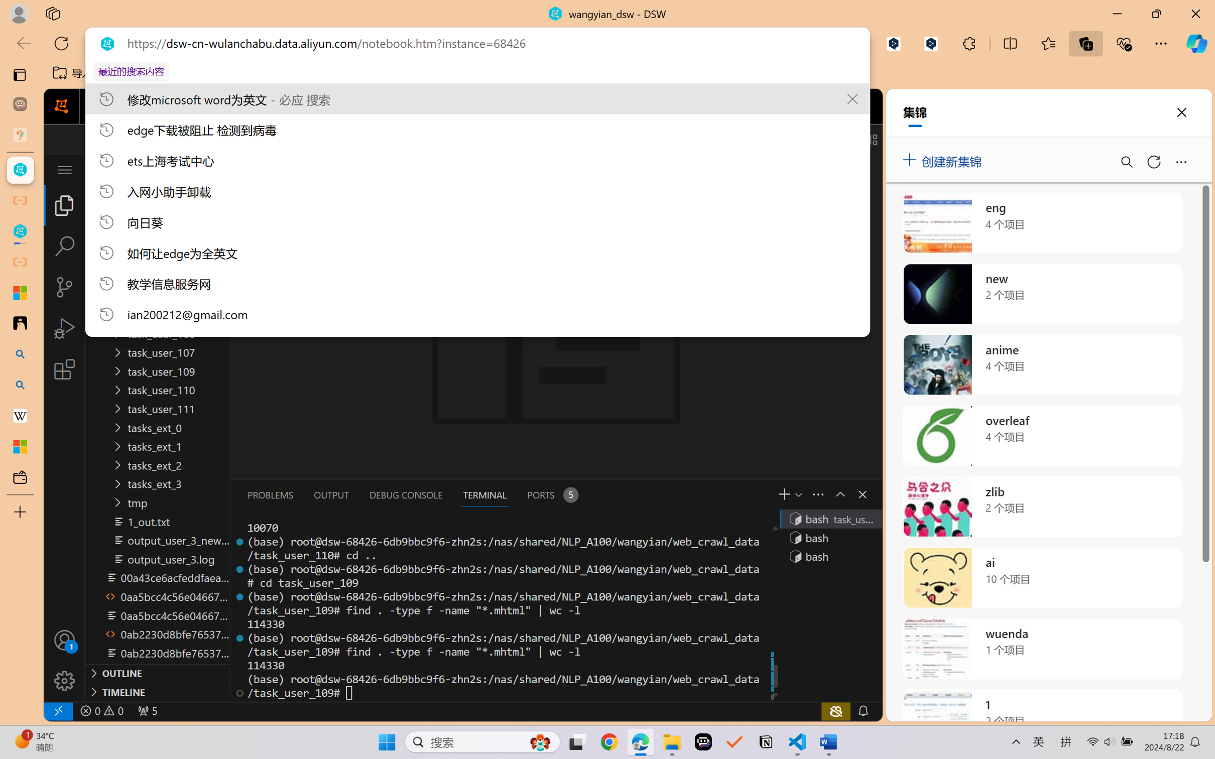  I want to click on 'copilot-notconnected, Copilot error (click for details)', so click(835, 710).